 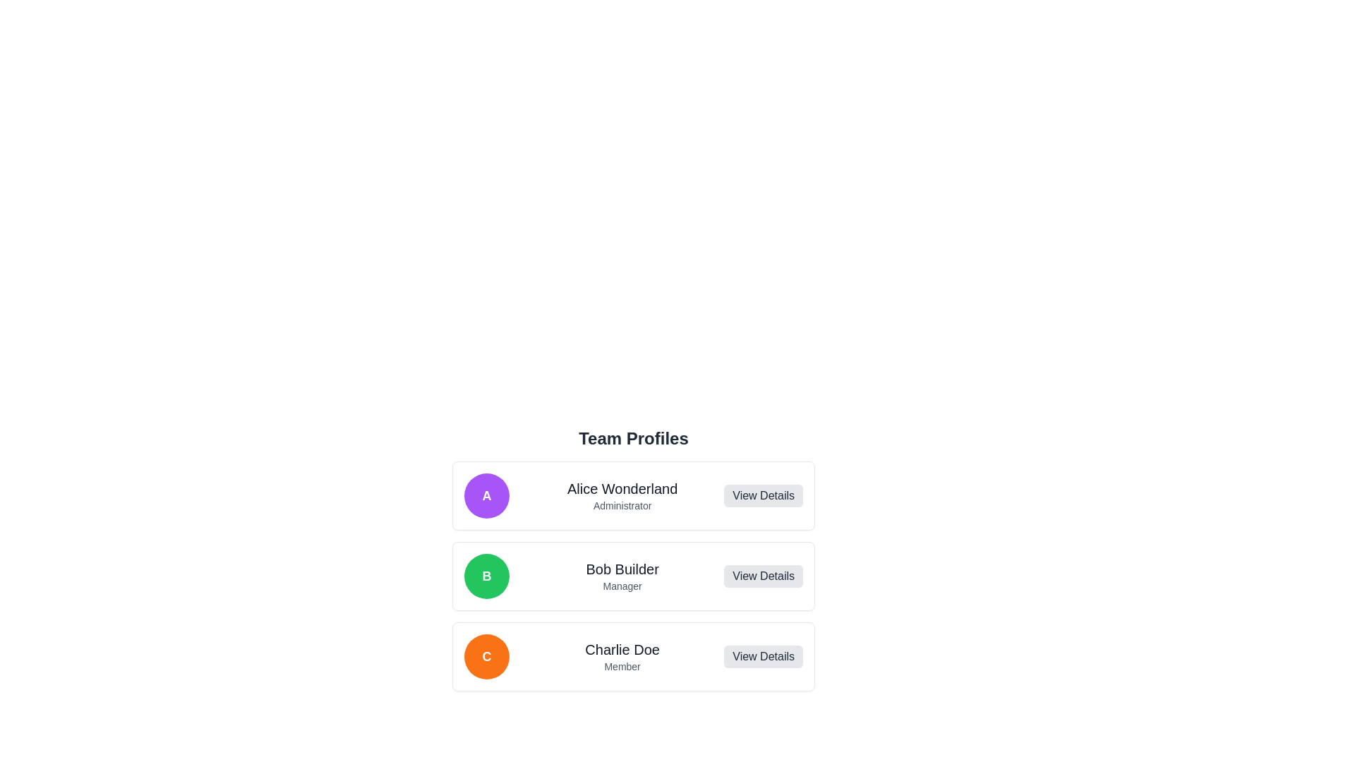 I want to click on the text label providing information about the role of the individual associated with the profile under 'Bob Builder' in the second profile card, so click(x=622, y=586).